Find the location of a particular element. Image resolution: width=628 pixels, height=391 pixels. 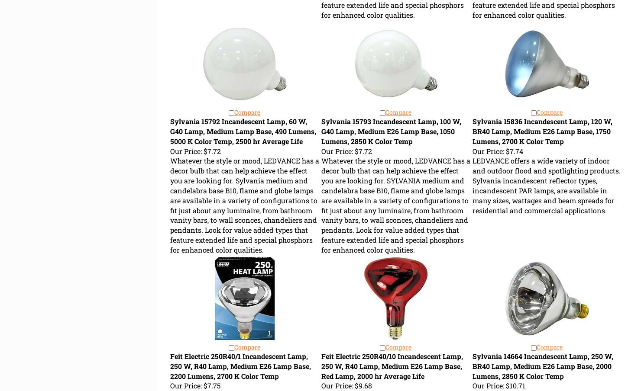

'Feit Electric 250R40/1 Incandescent Lamp, 250 W, R40 Lamp, Medium E26 Lamp Base, 2200 Lumens, 2700 K Color Temp' is located at coordinates (240, 365).